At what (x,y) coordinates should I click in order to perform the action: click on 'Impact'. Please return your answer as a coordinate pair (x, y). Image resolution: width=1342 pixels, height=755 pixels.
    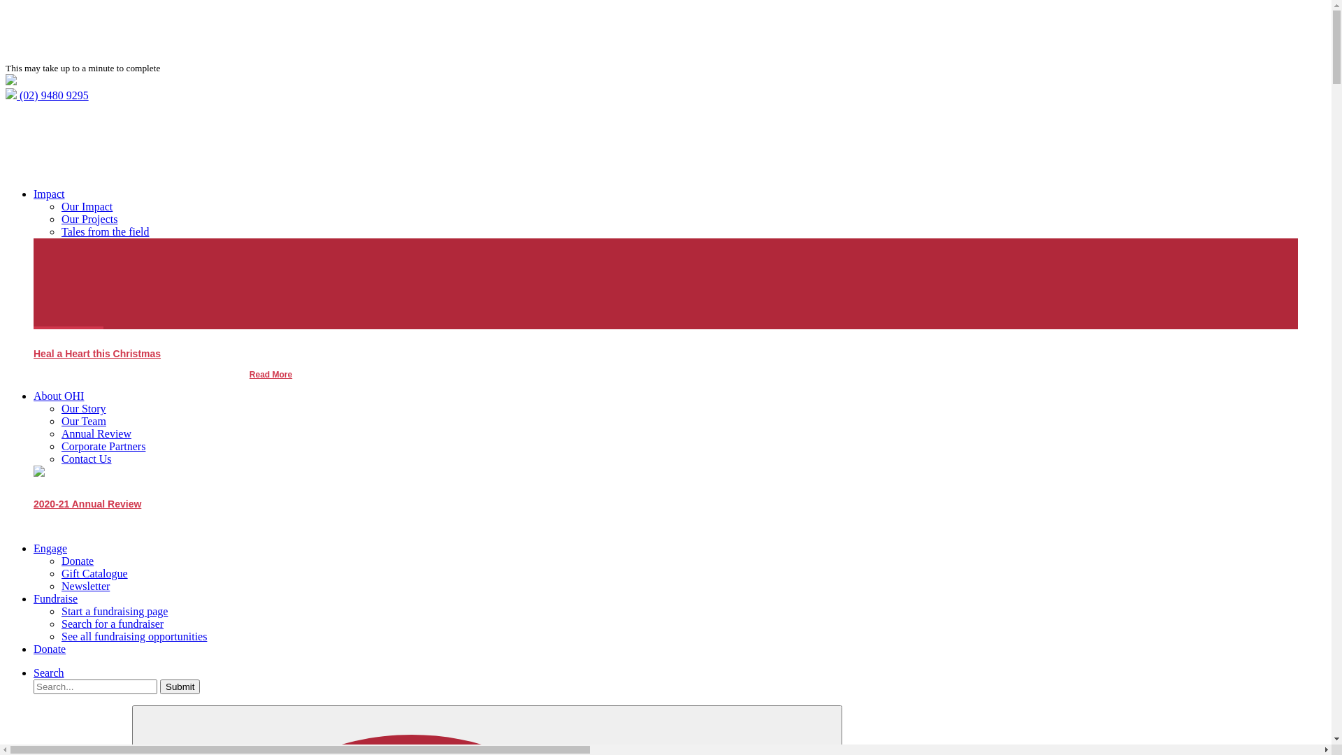
    Looking at the image, I should click on (49, 194).